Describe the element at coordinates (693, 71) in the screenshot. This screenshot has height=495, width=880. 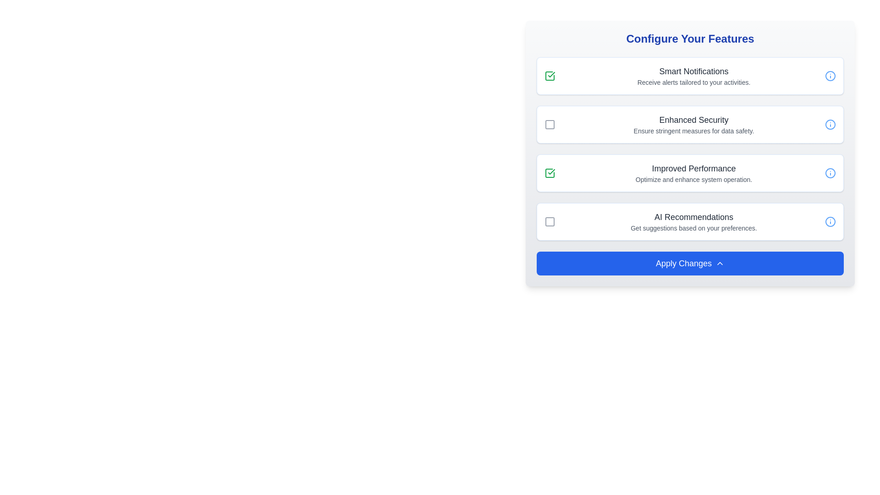
I see `the 'Smart Notifications' text label, which is styled in bold dark gray and located above the descriptive text in the feature configuration list` at that location.